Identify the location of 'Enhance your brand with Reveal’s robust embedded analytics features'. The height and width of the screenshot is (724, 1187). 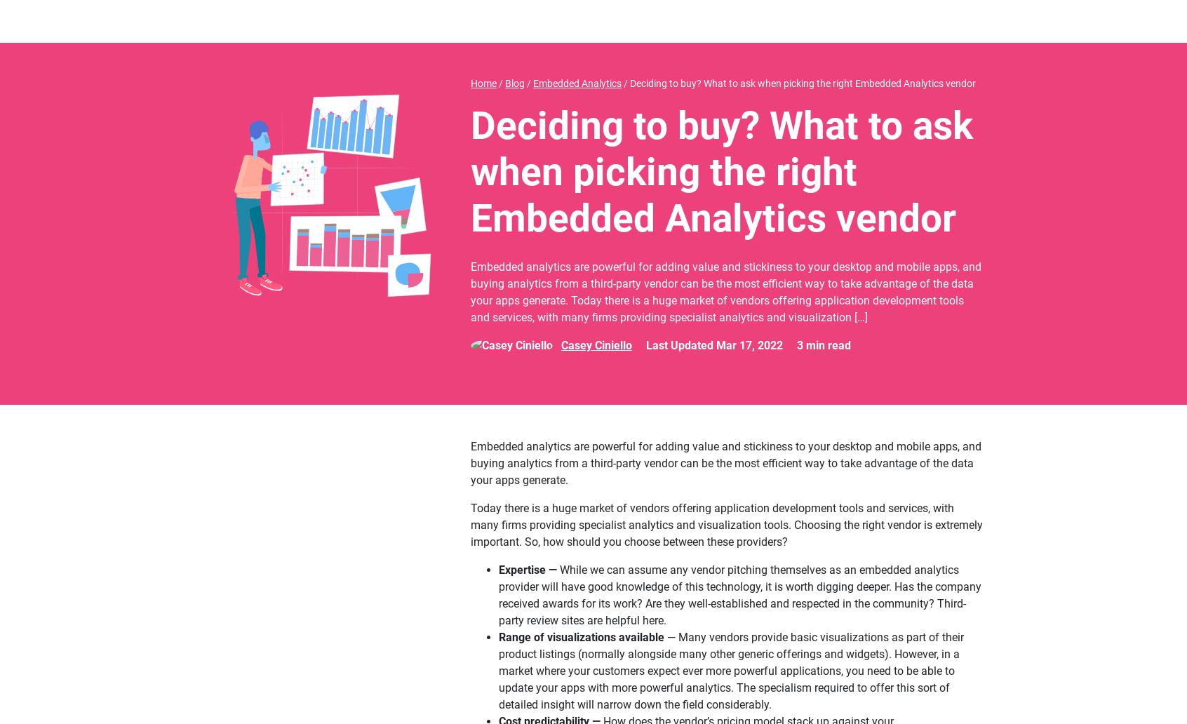
(448, 213).